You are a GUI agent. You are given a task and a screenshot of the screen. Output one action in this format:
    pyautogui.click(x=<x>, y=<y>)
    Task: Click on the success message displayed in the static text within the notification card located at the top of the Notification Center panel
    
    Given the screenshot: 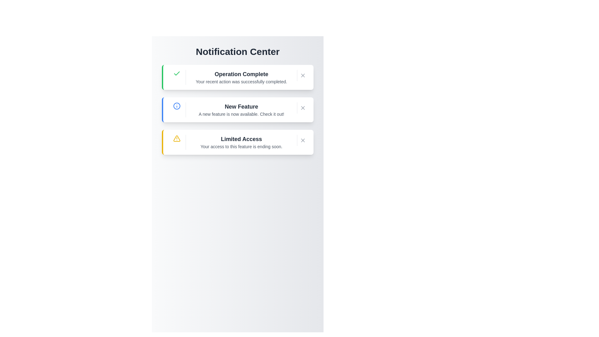 What is the action you would take?
    pyautogui.click(x=241, y=77)
    